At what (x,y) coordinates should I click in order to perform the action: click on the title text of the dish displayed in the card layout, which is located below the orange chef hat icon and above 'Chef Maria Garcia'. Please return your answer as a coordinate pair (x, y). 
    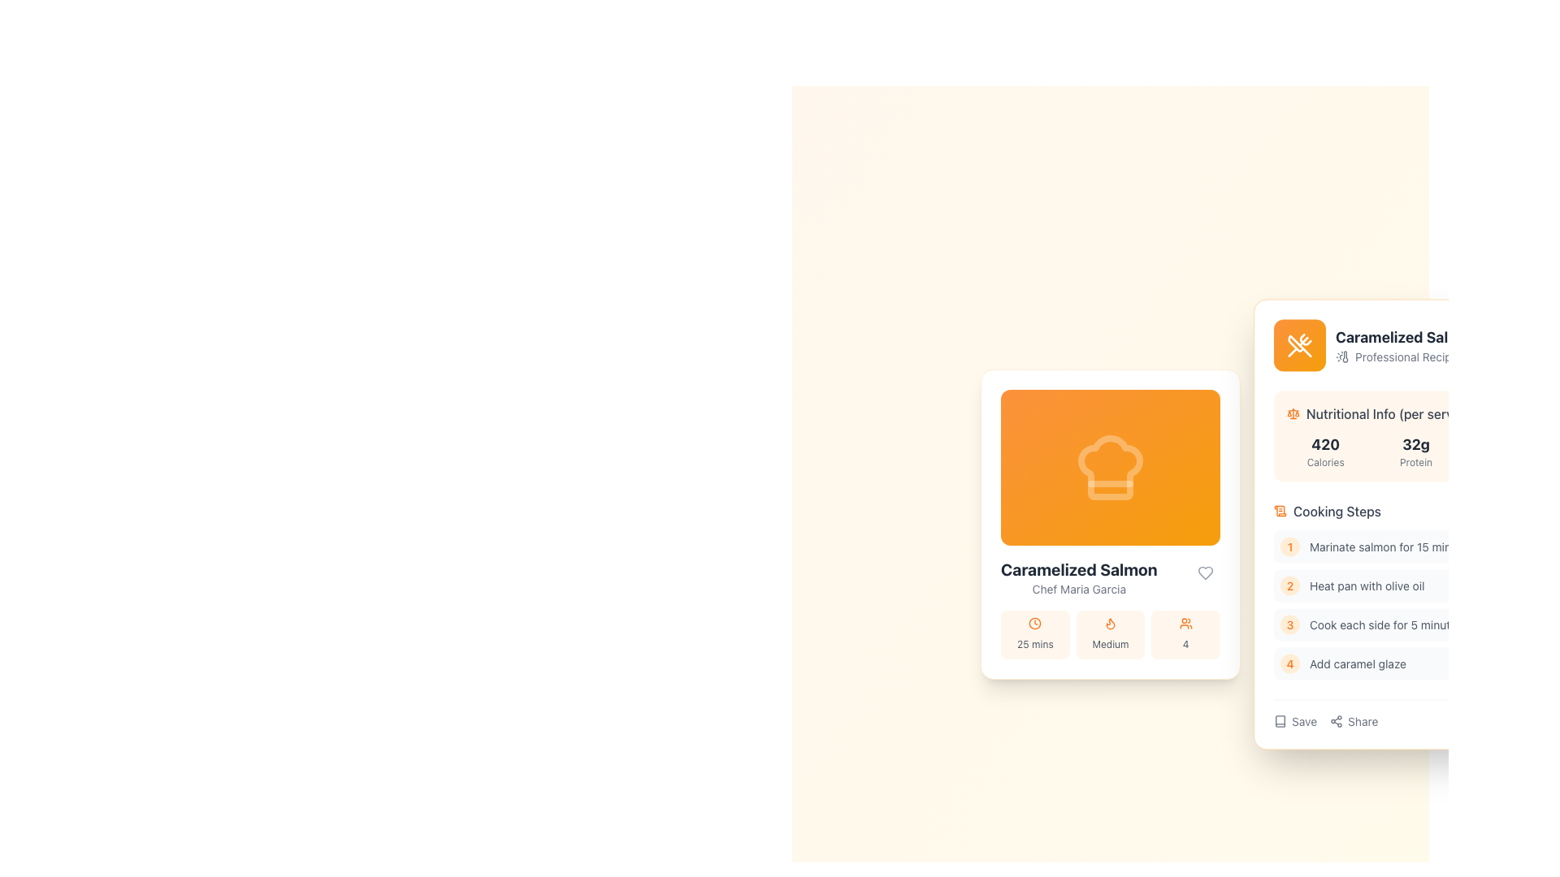
    Looking at the image, I should click on (1079, 569).